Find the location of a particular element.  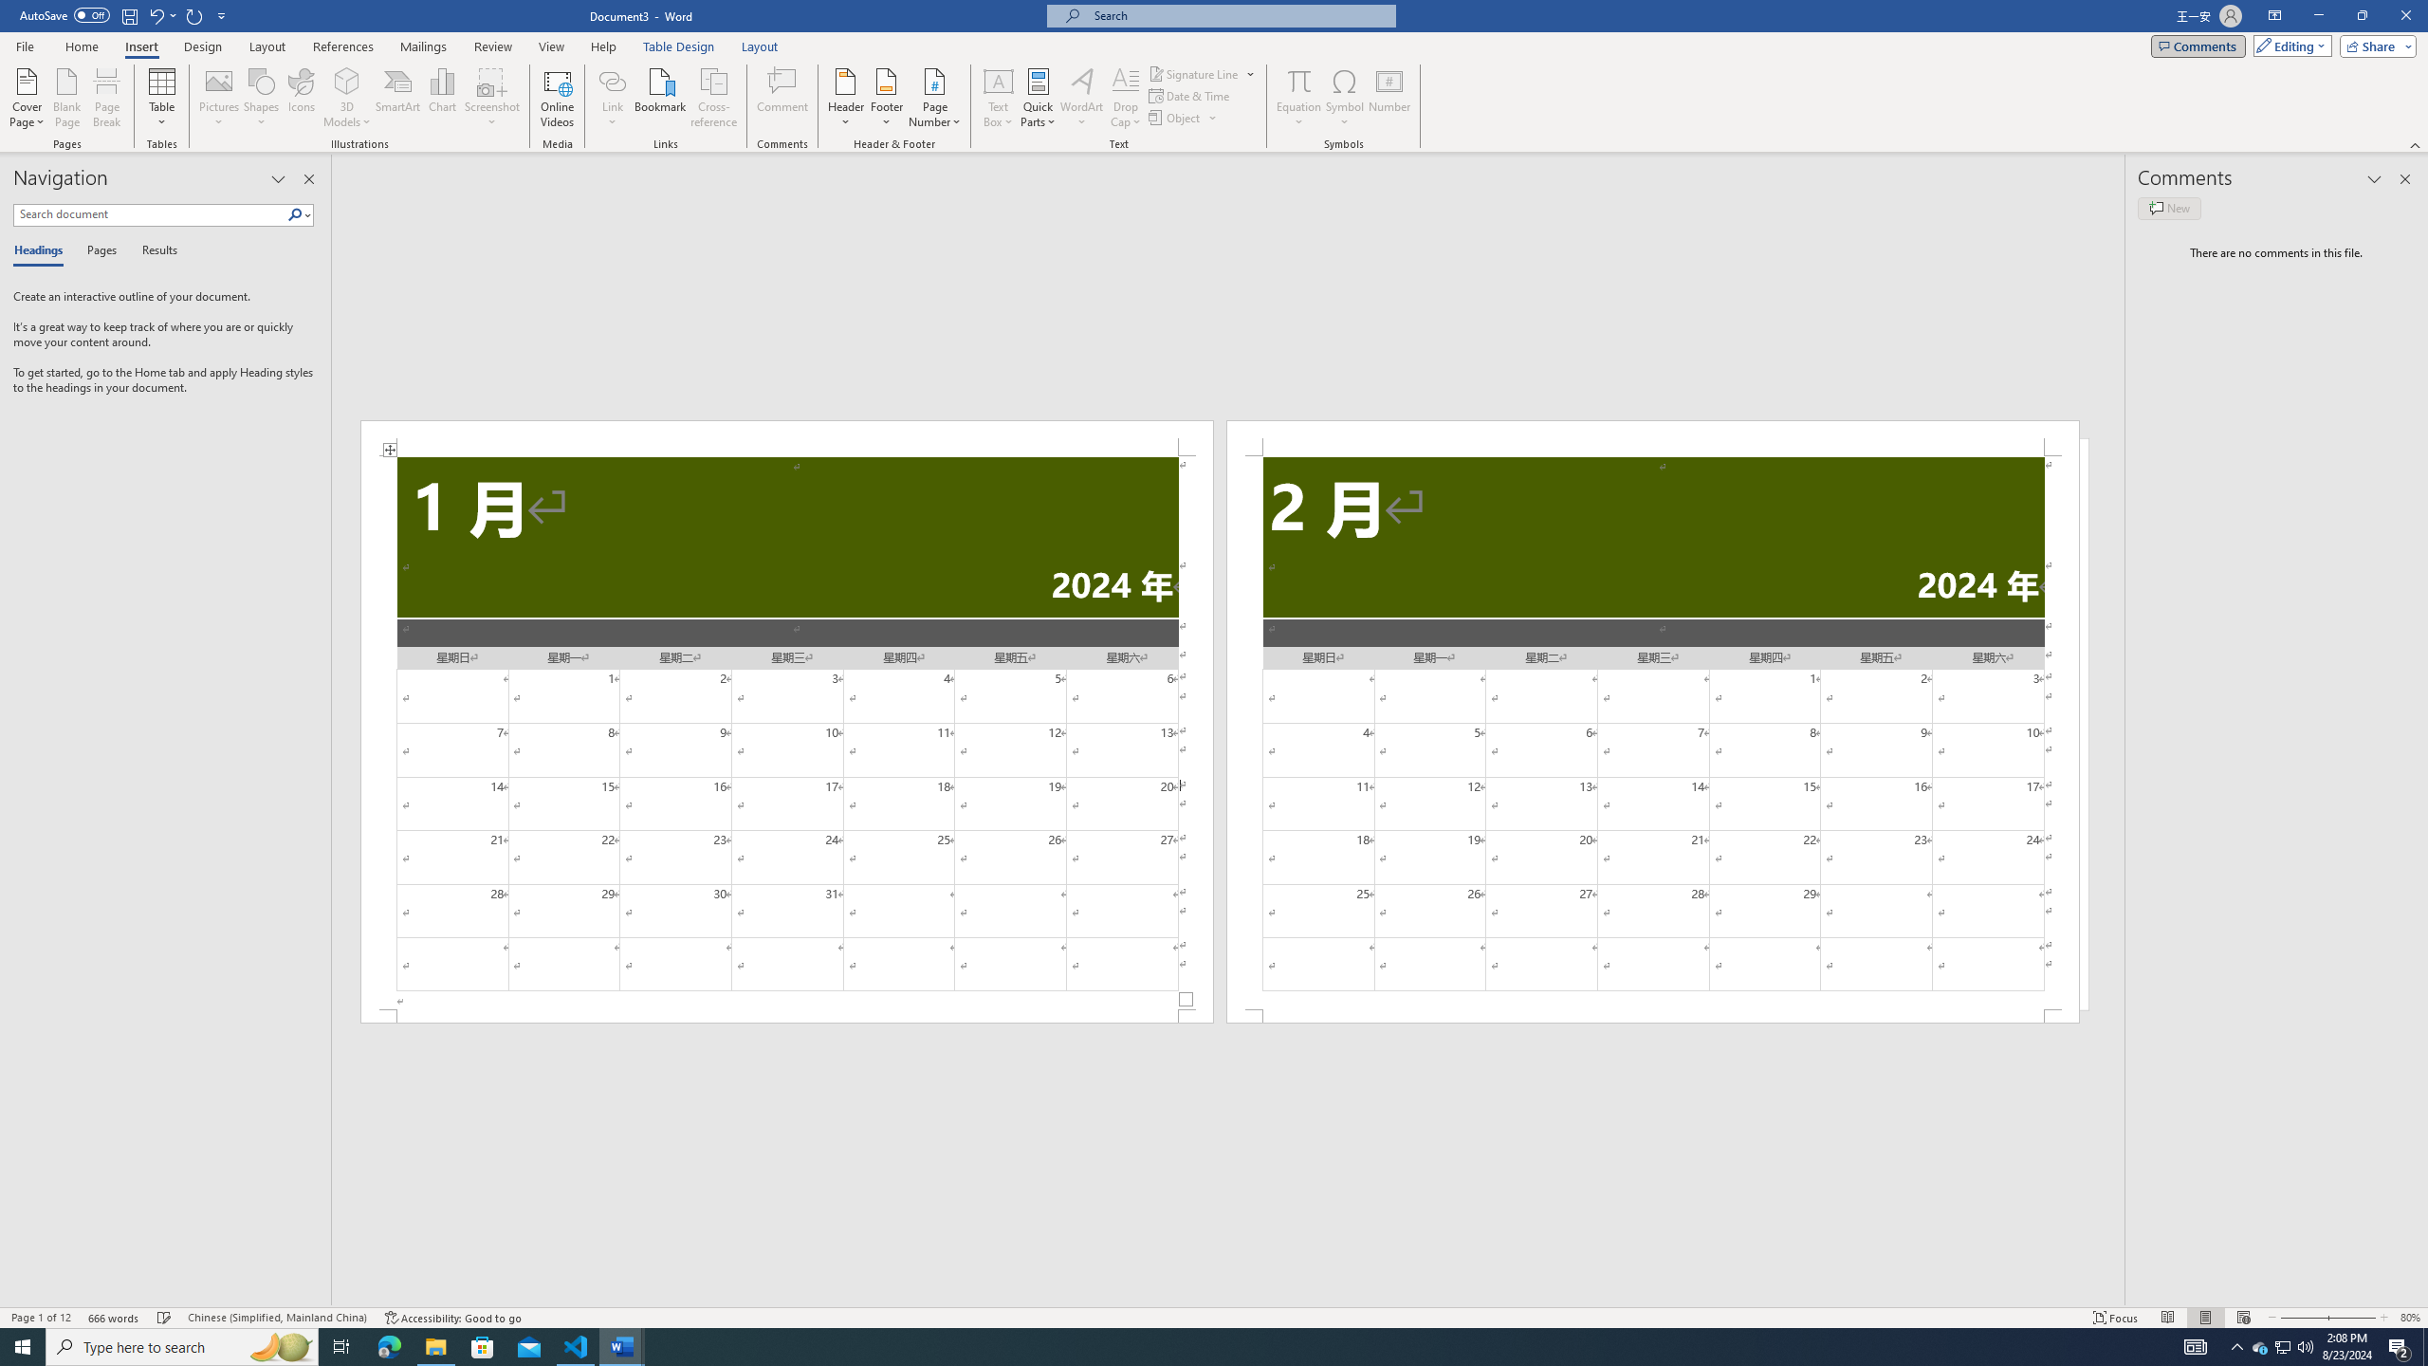

'Blank Page' is located at coordinates (66, 98).